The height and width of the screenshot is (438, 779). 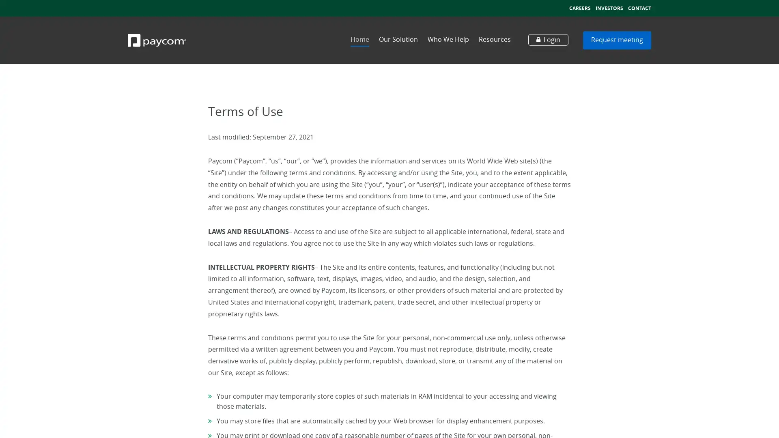 What do you see at coordinates (736, 427) in the screenshot?
I see `Accept Cookies` at bounding box center [736, 427].